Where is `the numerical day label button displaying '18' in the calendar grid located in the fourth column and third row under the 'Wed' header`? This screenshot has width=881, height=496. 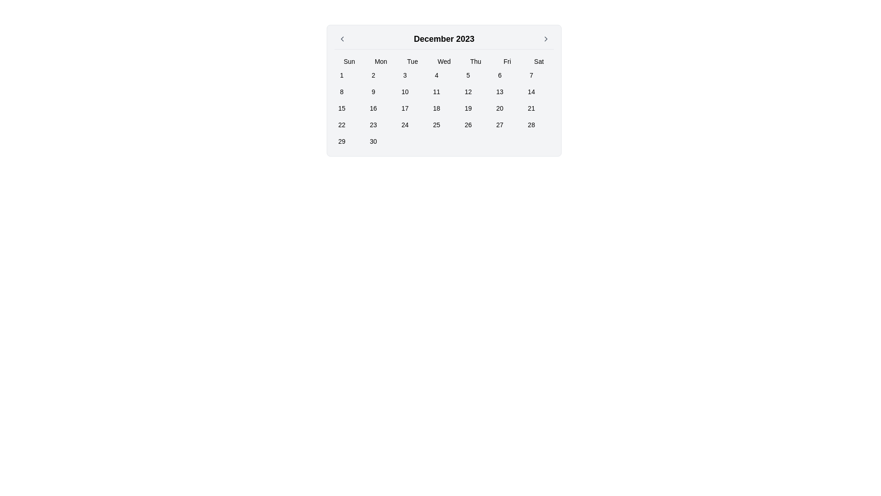 the numerical day label button displaying '18' in the calendar grid located in the fourth column and third row under the 'Wed' header is located at coordinates (436, 107).